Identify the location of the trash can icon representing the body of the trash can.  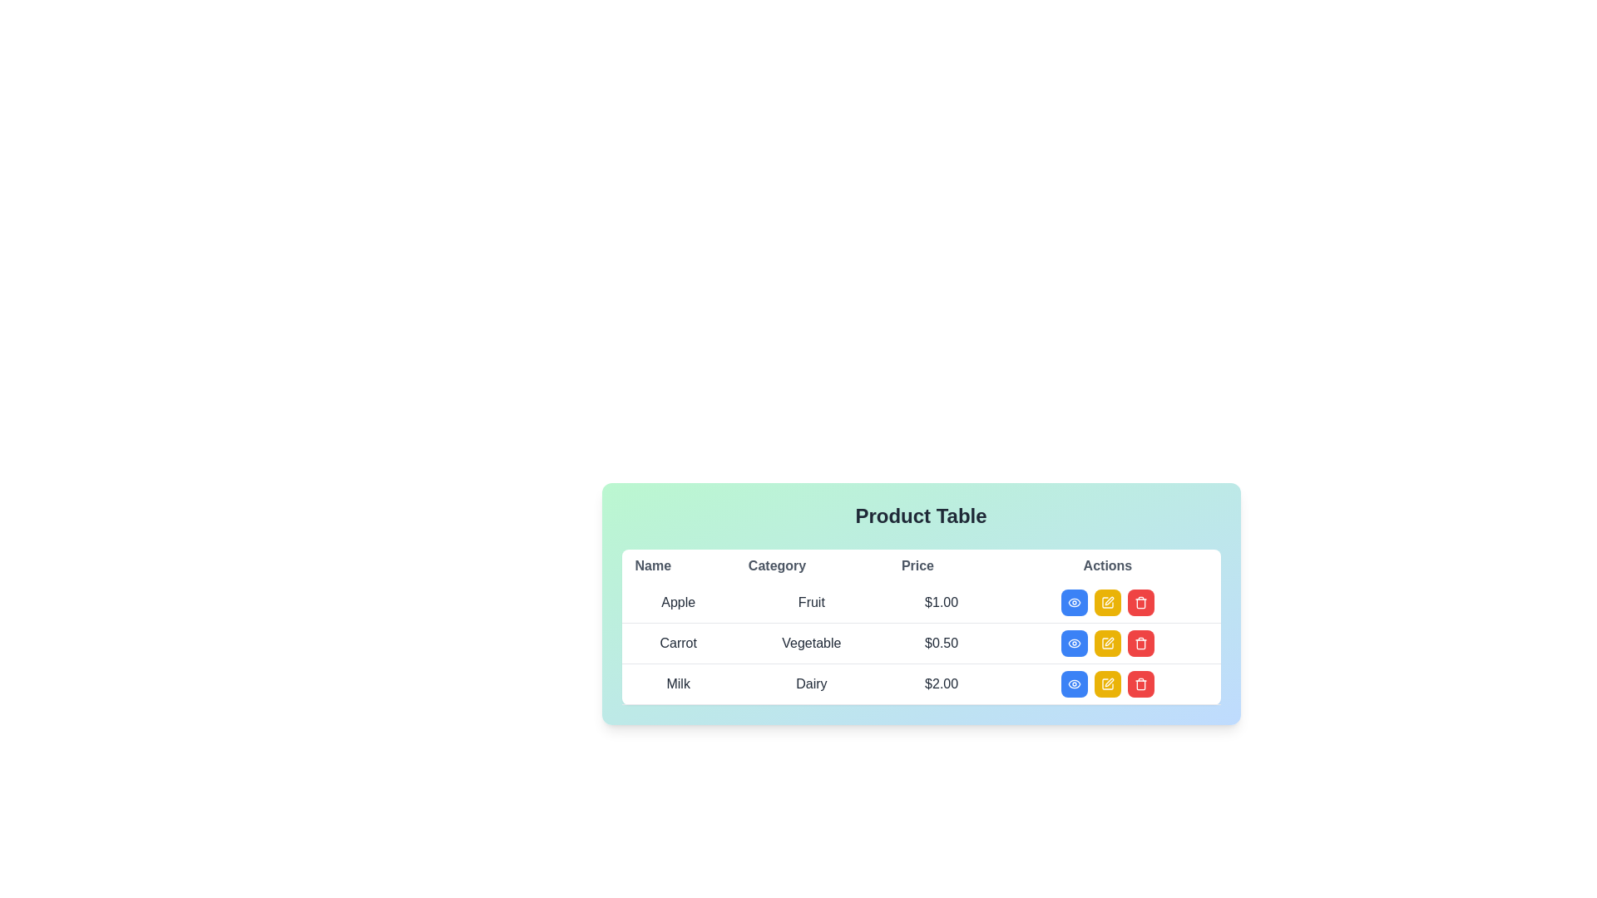
(1140, 644).